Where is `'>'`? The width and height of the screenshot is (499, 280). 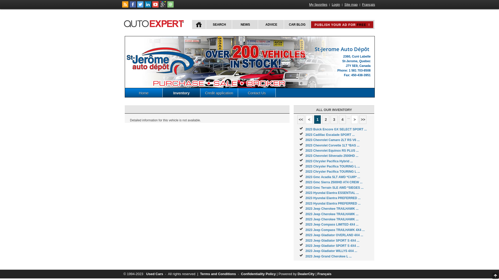
'>' is located at coordinates (354, 120).